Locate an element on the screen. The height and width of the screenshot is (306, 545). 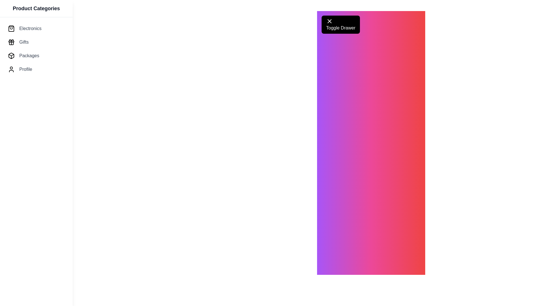
the 'Toggle Drawer' button to toggle the visibility of the drawer is located at coordinates (341, 24).